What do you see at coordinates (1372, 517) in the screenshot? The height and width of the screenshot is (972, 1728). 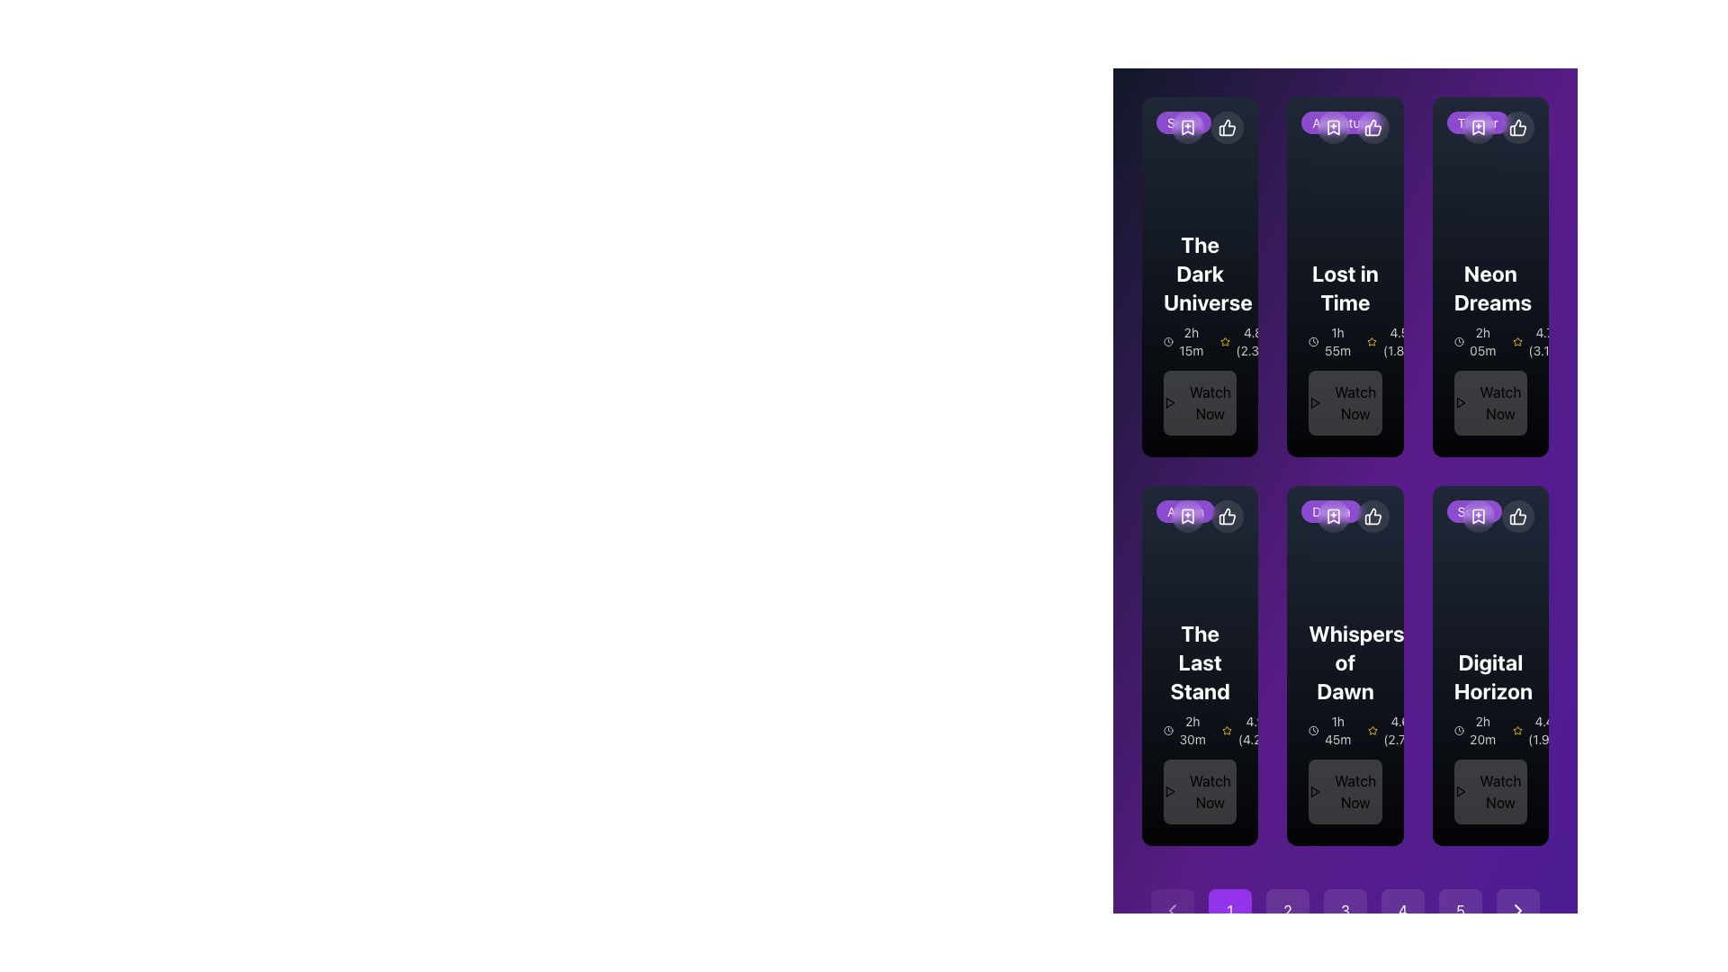 I see `the circular button with a white thumbs-up icon located at the top-right corner of the 'Whispers of Dawn' card to like the content` at bounding box center [1372, 517].